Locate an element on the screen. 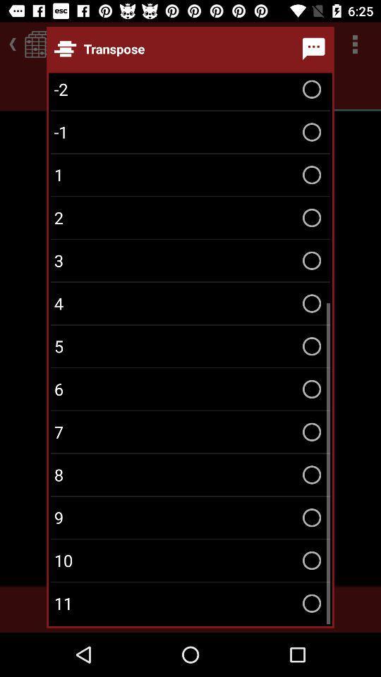  6 item is located at coordinates (190, 389).